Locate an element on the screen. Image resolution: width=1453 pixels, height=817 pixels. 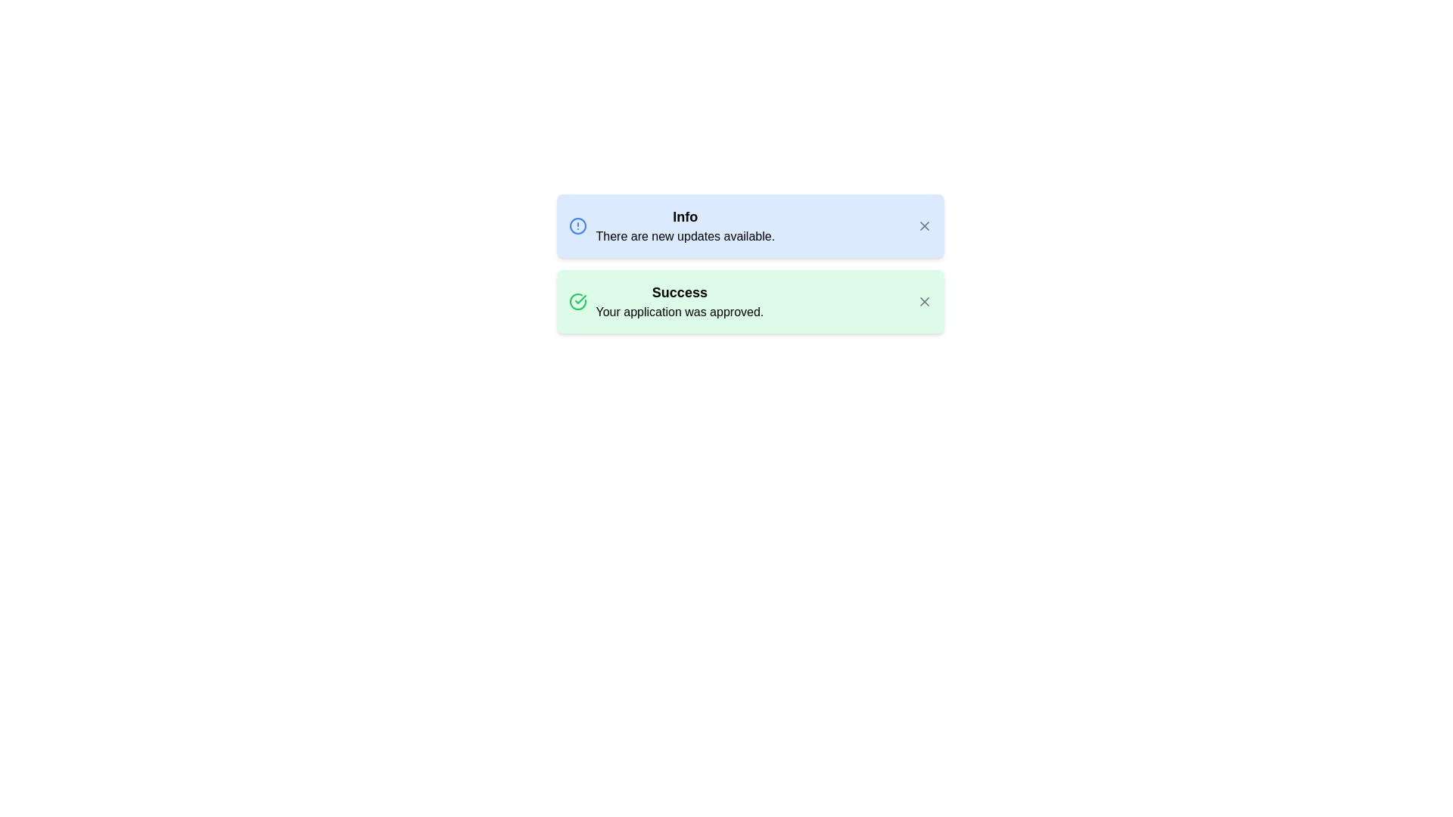
the informational Text Label indicating application approval, located in the second notification box under the 'Success' heading is located at coordinates (679, 311).